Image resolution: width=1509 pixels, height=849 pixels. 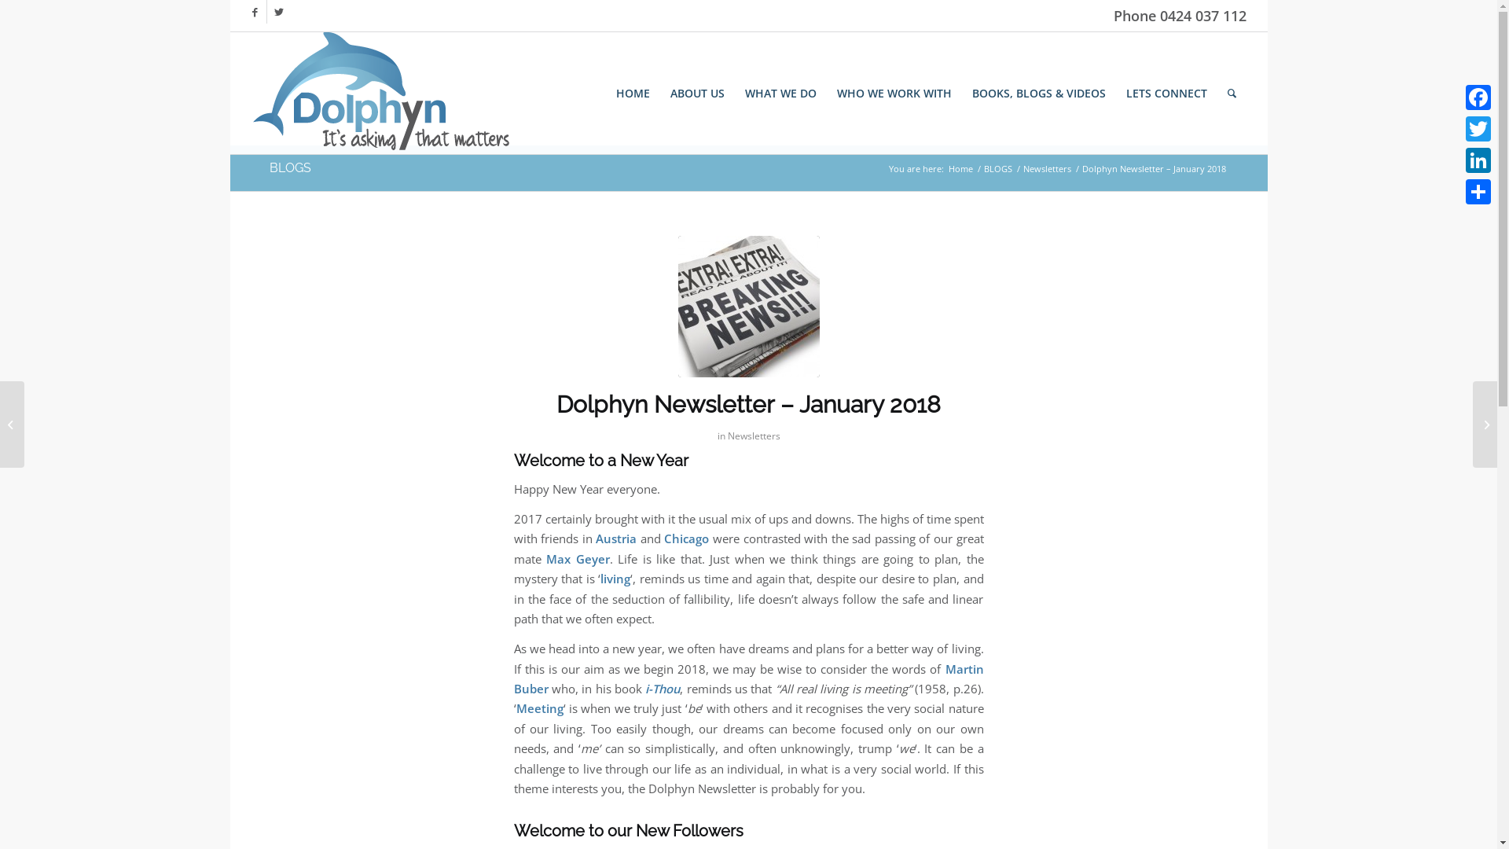 I want to click on 'WHO WE WORK WITH', so click(x=894, y=93).